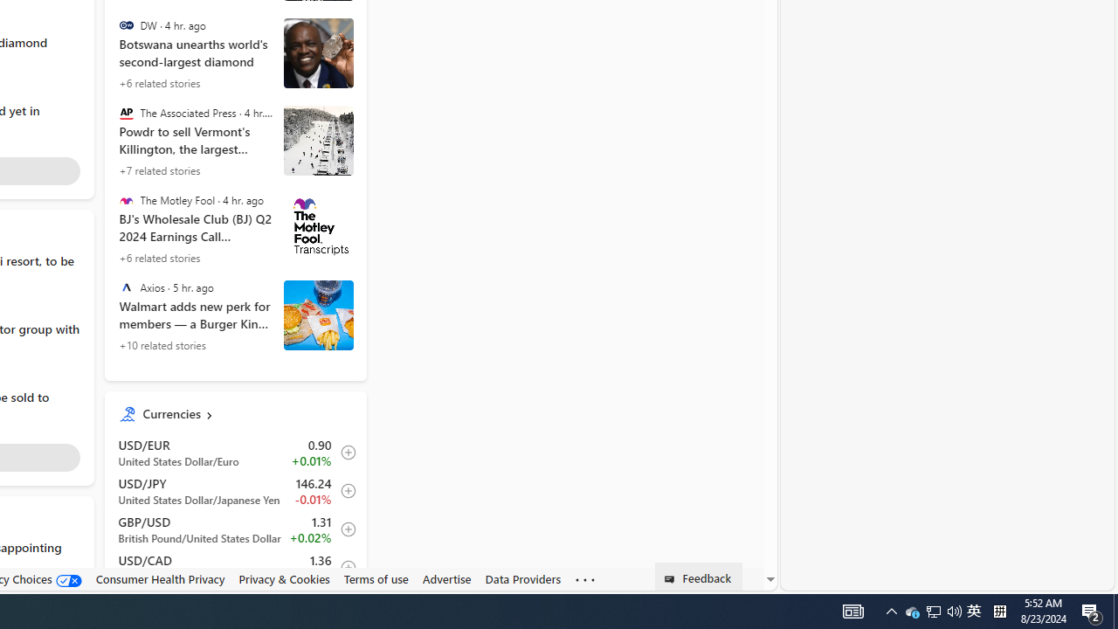  I want to click on 'Terms of use', so click(375, 578).